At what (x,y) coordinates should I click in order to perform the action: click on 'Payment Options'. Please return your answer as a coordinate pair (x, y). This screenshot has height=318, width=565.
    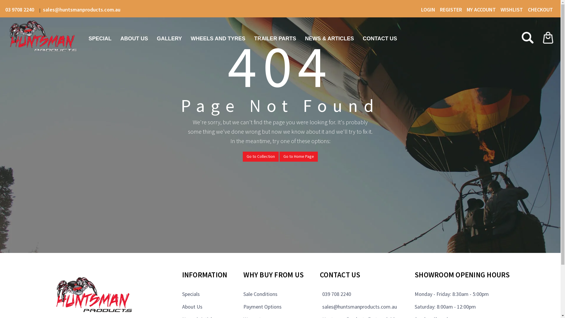
    Looking at the image, I should click on (262, 306).